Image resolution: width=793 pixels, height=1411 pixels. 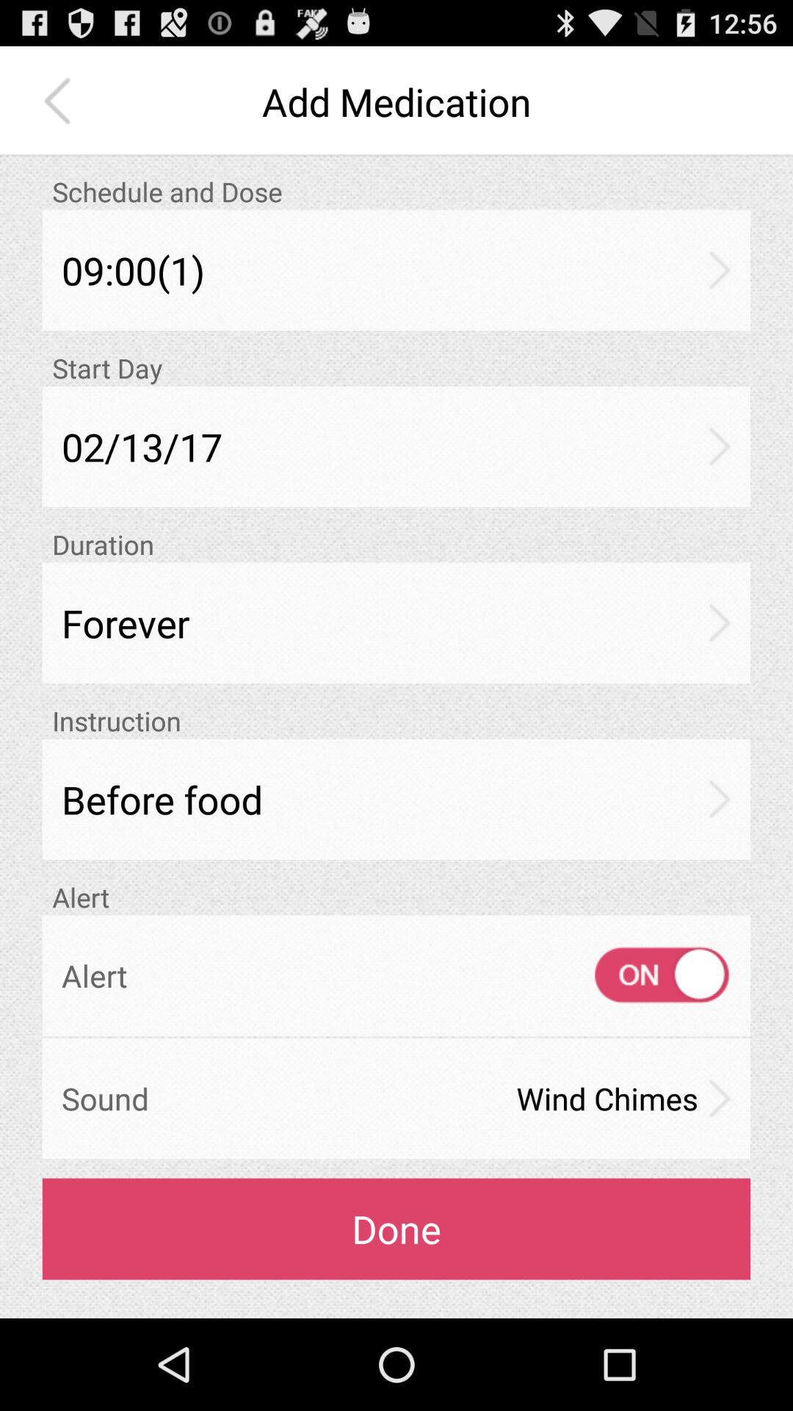 What do you see at coordinates (396, 622) in the screenshot?
I see `forever` at bounding box center [396, 622].